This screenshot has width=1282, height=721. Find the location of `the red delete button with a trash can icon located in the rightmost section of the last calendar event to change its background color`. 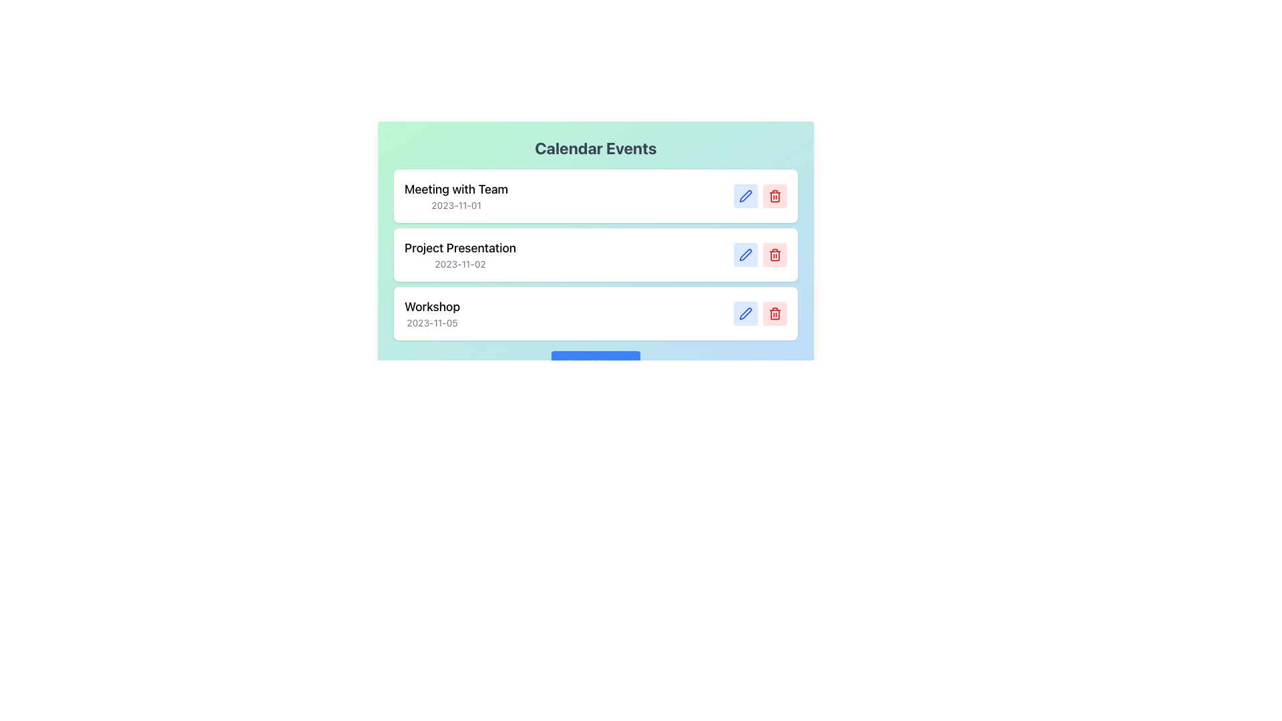

the red delete button with a trash can icon located in the rightmost section of the last calendar event to change its background color is located at coordinates (775, 314).